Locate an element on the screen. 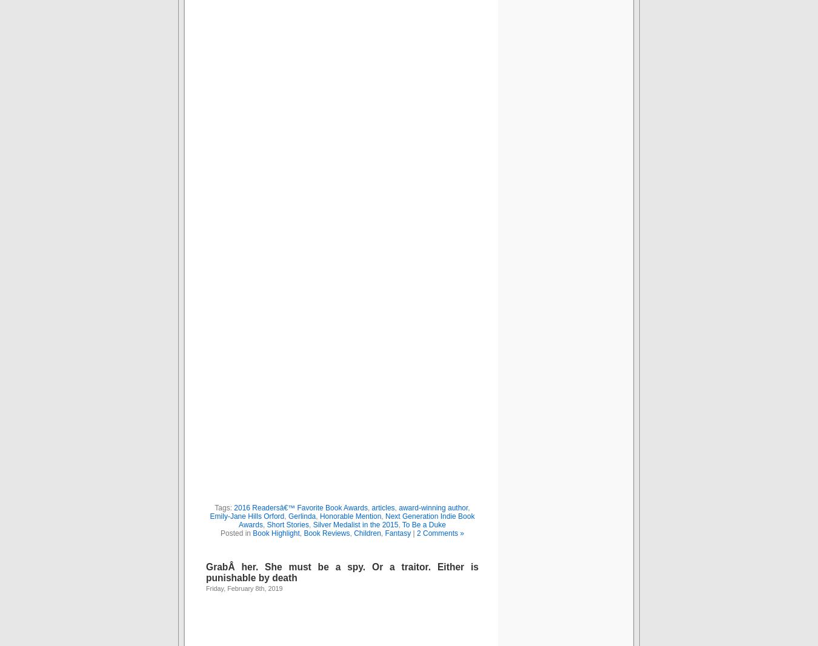 Image resolution: width=818 pixels, height=646 pixels. 'Emily-Jane Hills Orford' is located at coordinates (210, 515).